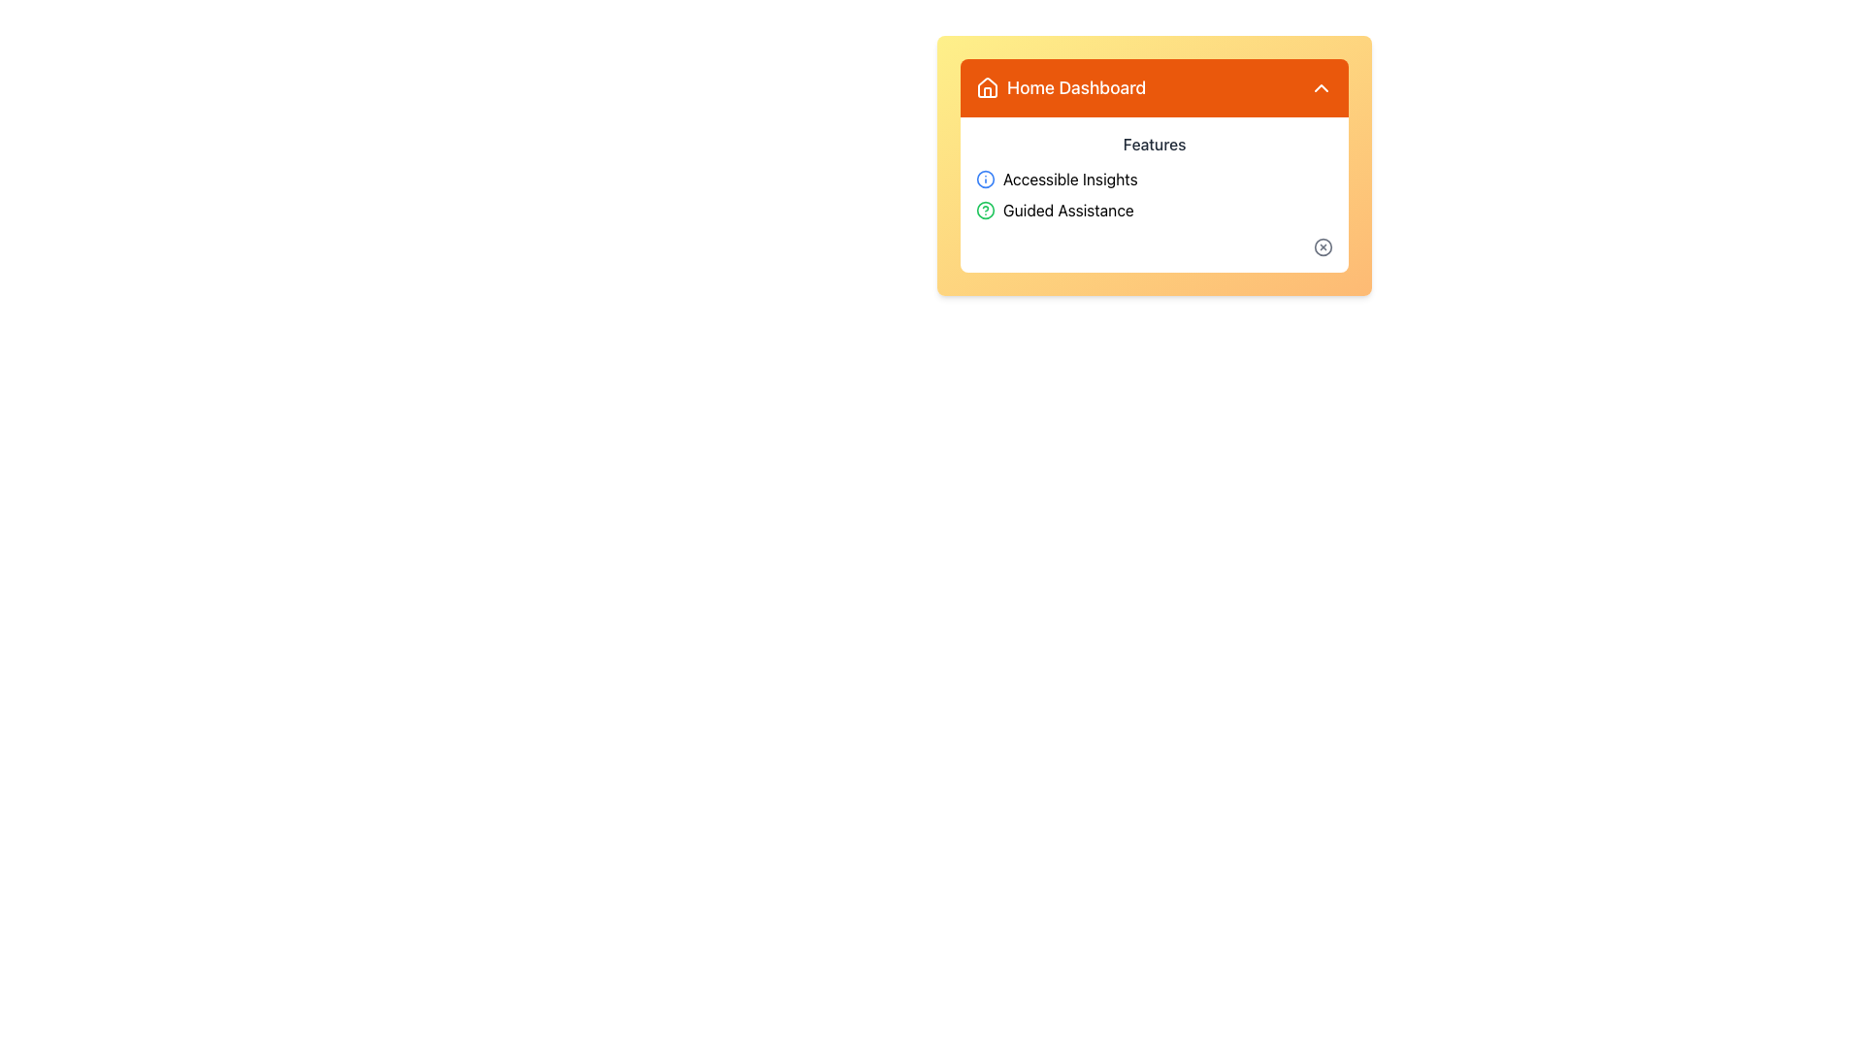  What do you see at coordinates (987, 88) in the screenshot?
I see `the stylized house icon located at the top-left corner of the module, which is to the left of the 'Home Dashboard' text` at bounding box center [987, 88].